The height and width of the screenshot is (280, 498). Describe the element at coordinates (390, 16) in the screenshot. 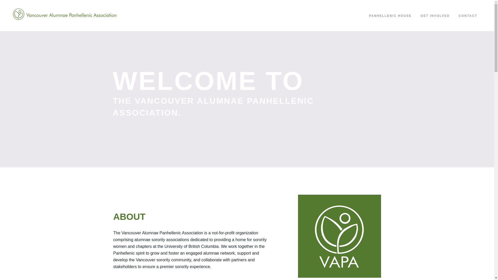

I see `'PANHELLENIC HOUSE'` at that location.